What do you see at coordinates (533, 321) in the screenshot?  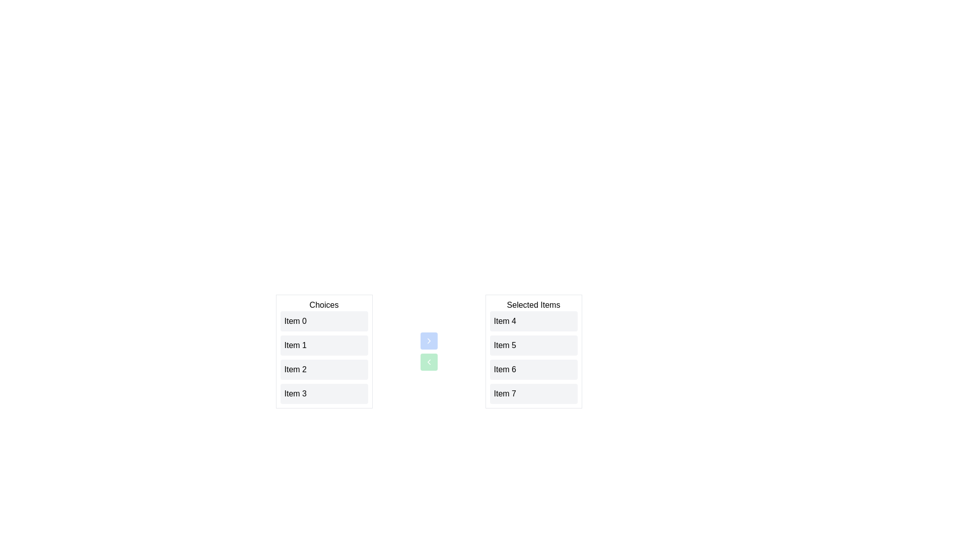 I see `the first list item labeled 'Item 4' within the 'Selected Items' section` at bounding box center [533, 321].